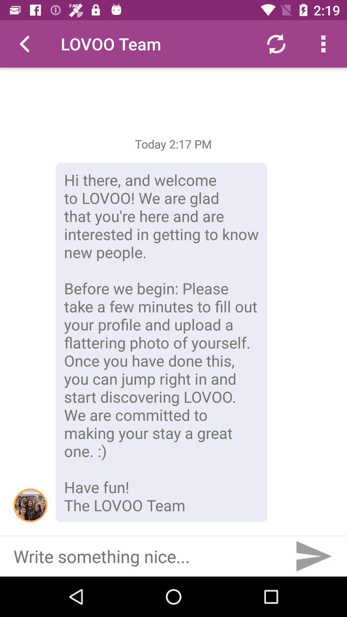 The width and height of the screenshot is (347, 617). What do you see at coordinates (30, 505) in the screenshot?
I see `see profile` at bounding box center [30, 505].